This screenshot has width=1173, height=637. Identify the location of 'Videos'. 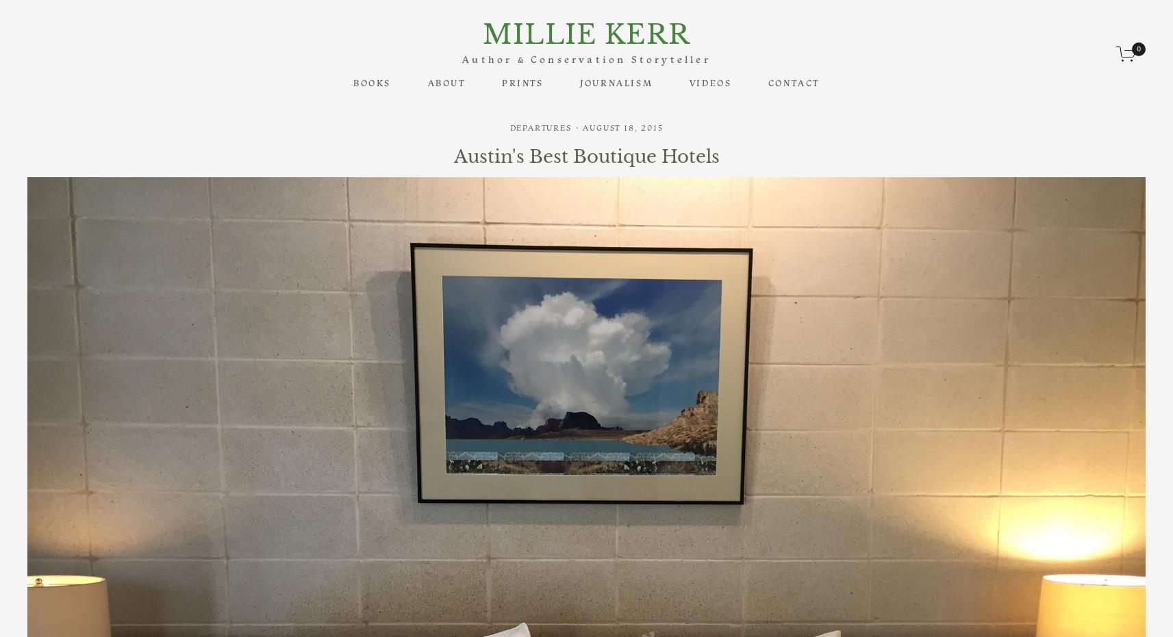
(709, 83).